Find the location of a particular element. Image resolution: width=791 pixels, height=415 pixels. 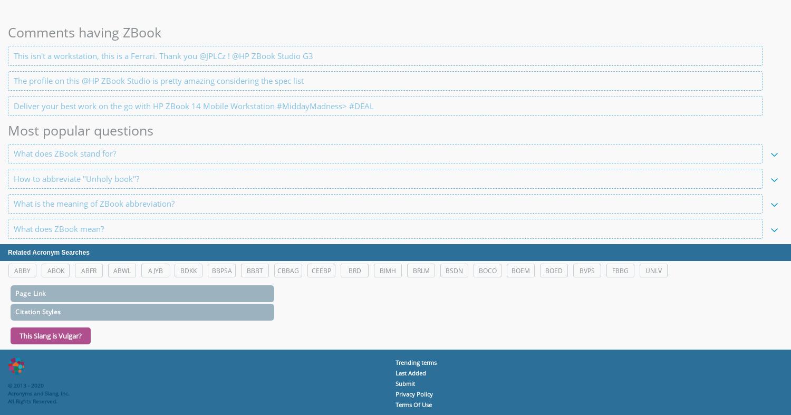

'ABOK' is located at coordinates (55, 270).